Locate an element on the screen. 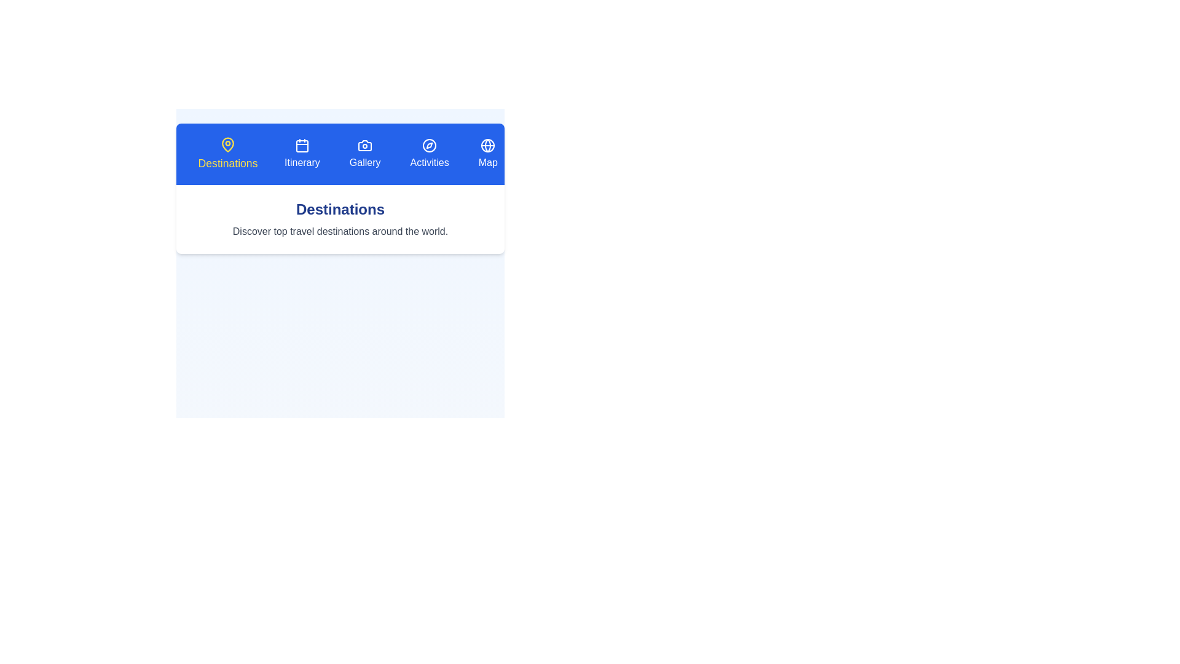 The image size is (1180, 664). text label for the 'Activities' menu button, which is the fourth option in the menu bar at the top-right section of the application interface is located at coordinates (430, 162).